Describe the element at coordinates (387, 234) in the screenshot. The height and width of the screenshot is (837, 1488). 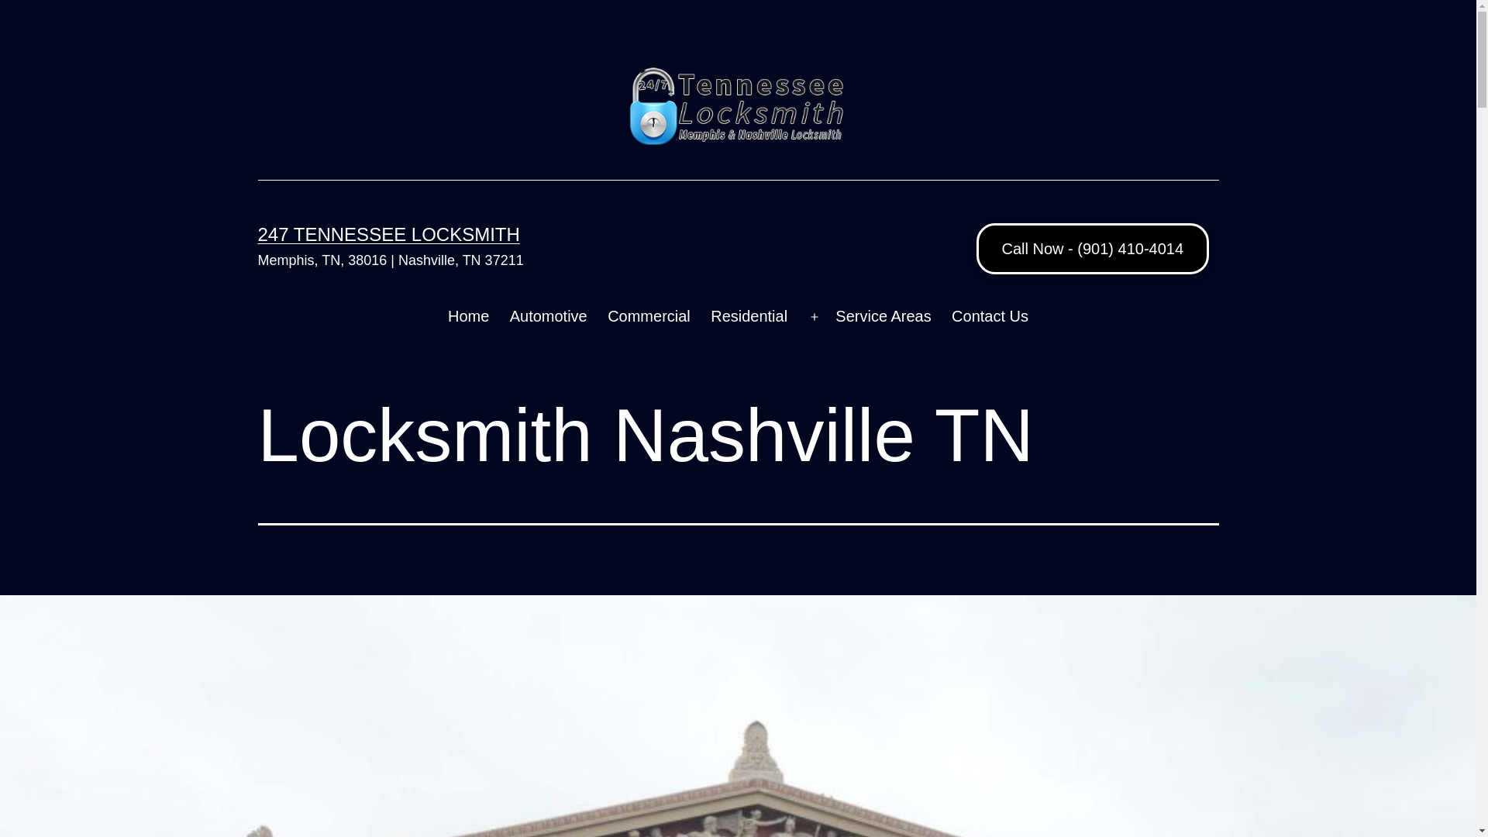
I see `'247 TENNESSEE LOCKSMITH'` at that location.